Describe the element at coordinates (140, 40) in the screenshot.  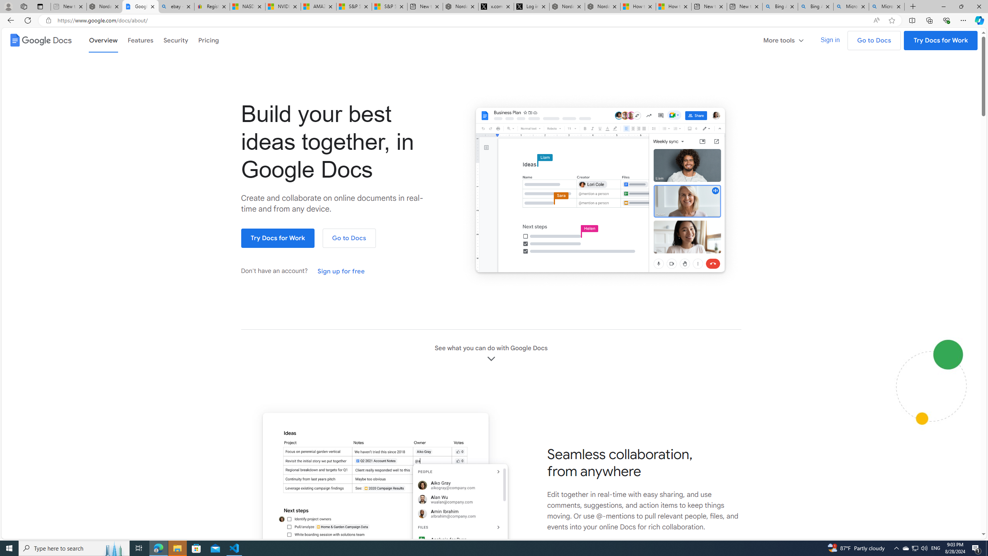
I see `'Features'` at that location.